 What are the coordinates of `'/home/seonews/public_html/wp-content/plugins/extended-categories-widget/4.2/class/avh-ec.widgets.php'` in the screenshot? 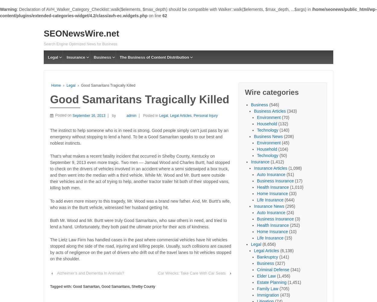 It's located at (188, 12).